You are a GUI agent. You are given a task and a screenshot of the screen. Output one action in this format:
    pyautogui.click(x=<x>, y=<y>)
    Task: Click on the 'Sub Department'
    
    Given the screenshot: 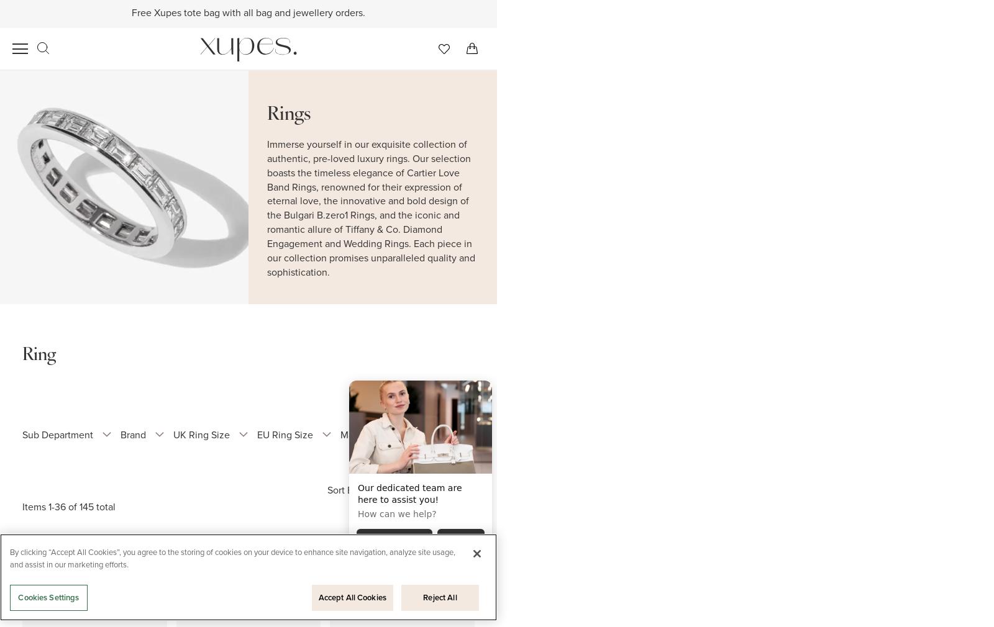 What is the action you would take?
    pyautogui.click(x=57, y=434)
    